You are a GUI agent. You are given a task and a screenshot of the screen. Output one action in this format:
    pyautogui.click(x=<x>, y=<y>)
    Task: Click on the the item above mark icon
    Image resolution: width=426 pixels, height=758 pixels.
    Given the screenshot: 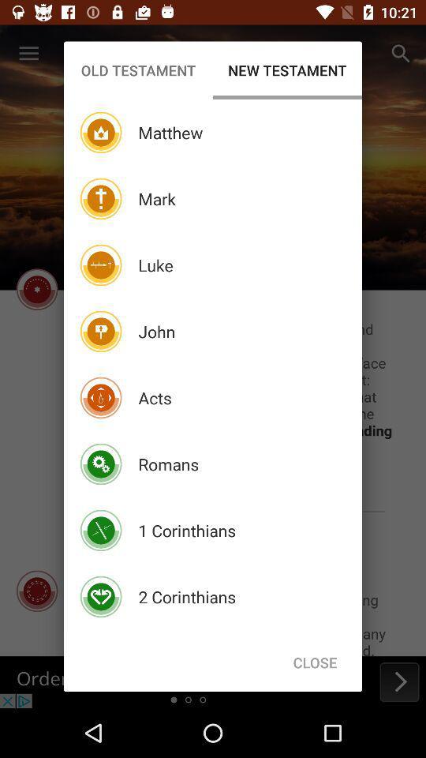 What is the action you would take?
    pyautogui.click(x=170, y=132)
    